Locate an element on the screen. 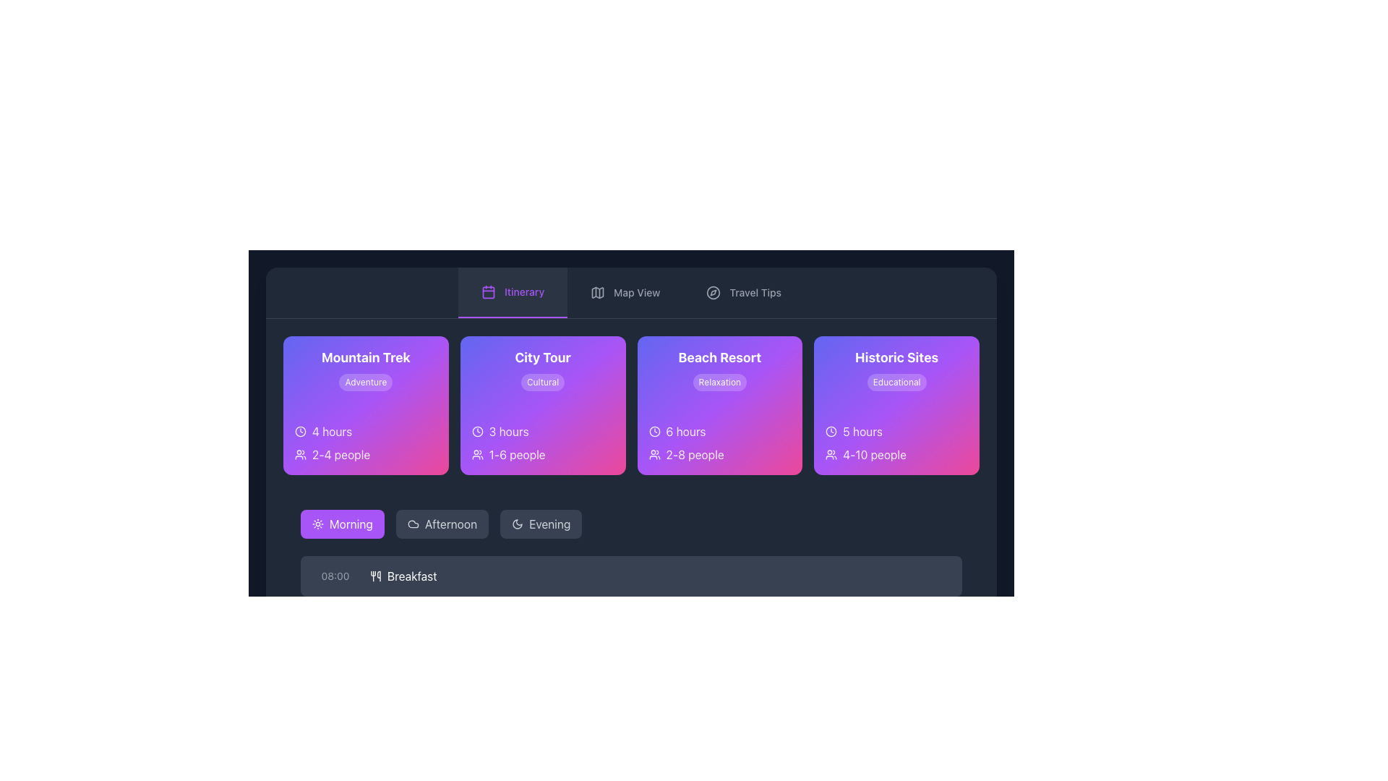 The width and height of the screenshot is (1388, 781). the text element that indicates the group size or capacity is located at coordinates (517, 453).